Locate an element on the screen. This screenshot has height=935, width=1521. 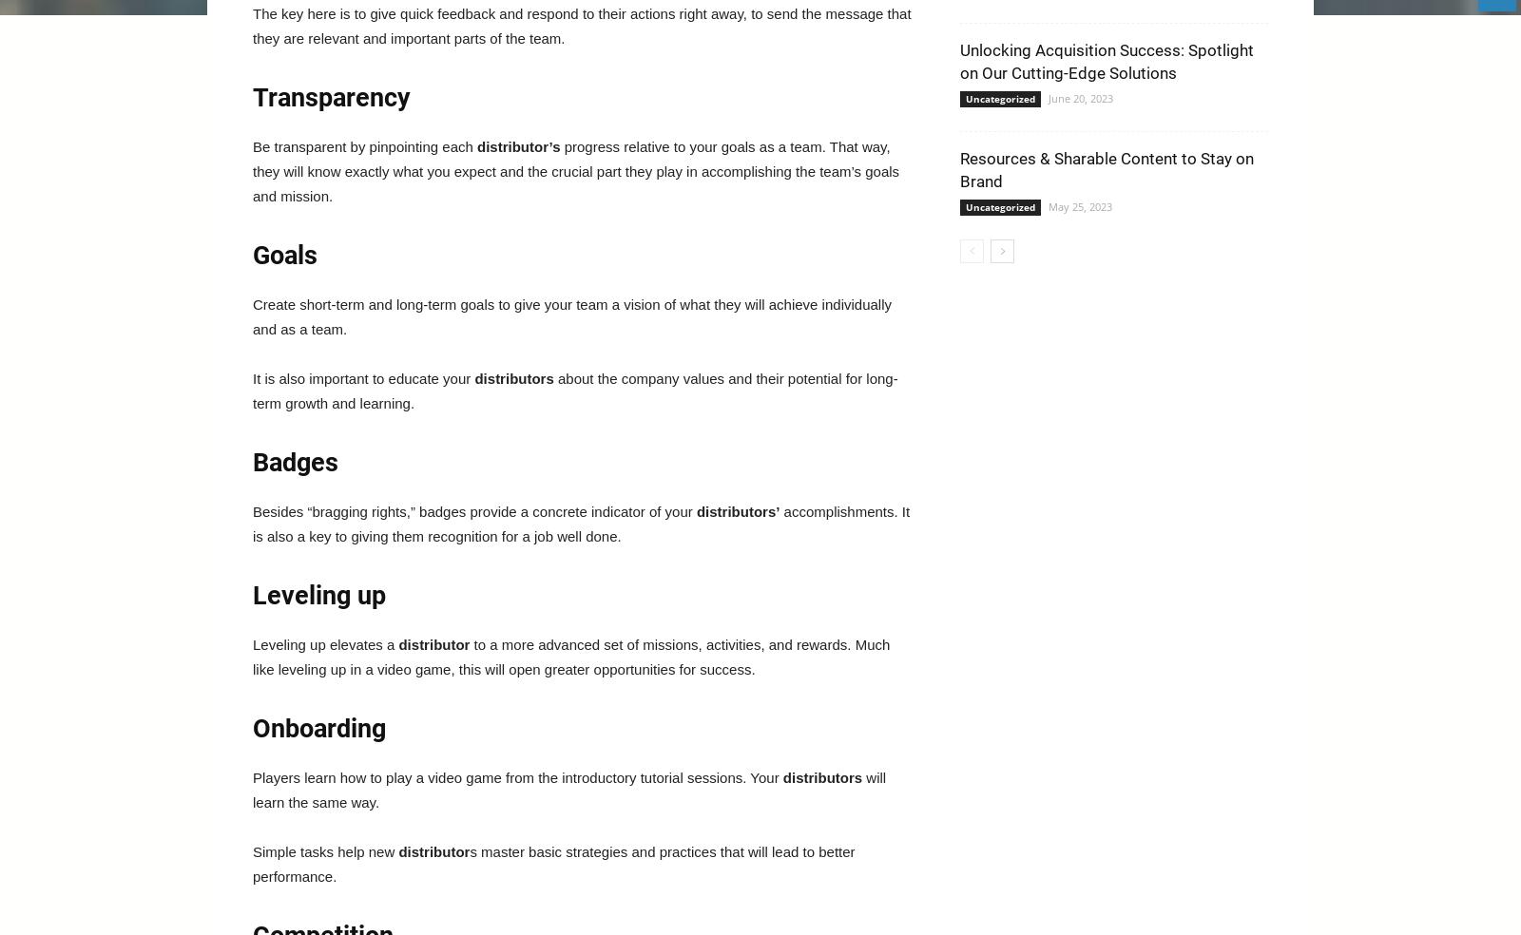
'Create short-term and long-term goals to give your team a vision of what they will achieve individually and as a team.' is located at coordinates (571, 315).